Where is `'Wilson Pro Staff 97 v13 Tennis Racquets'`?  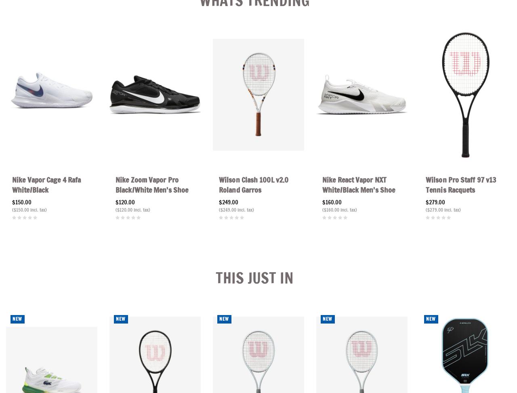 'Wilson Pro Staff 97 v13 Tennis Racquets' is located at coordinates (460, 185).